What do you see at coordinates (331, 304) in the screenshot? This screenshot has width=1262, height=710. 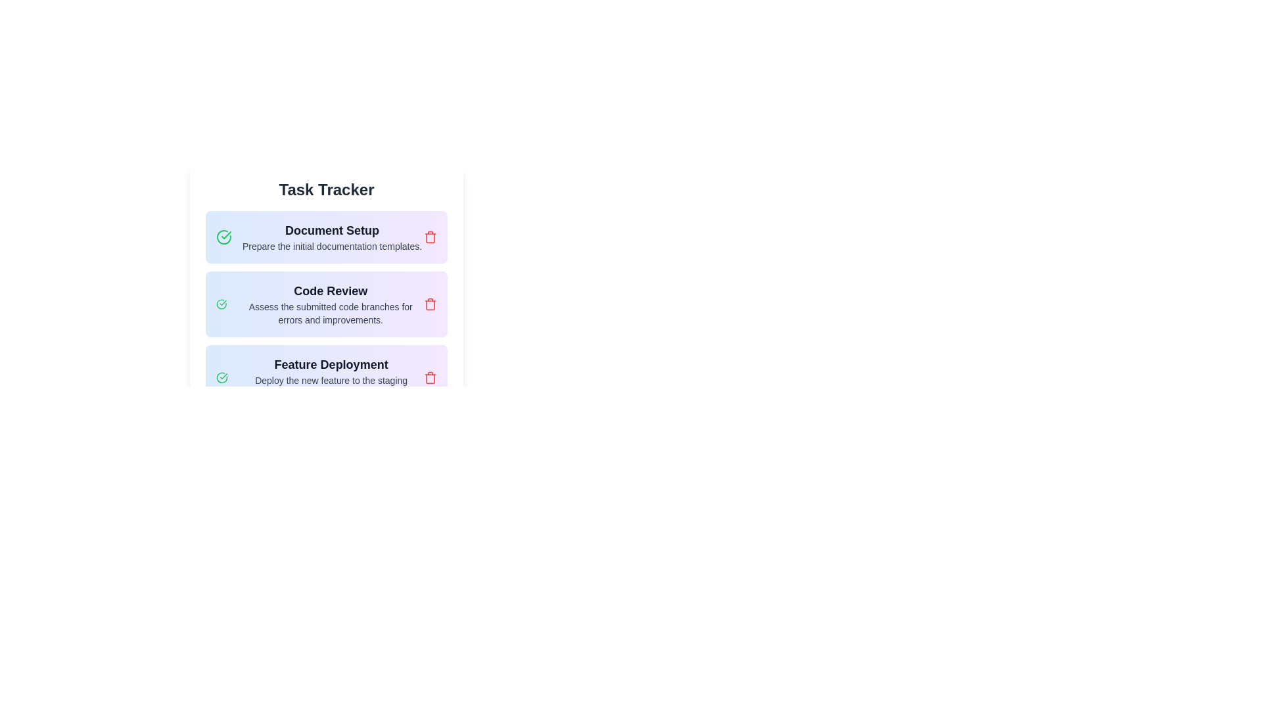 I see `the title and description block for code reviews, located between 'Document Setup' and 'Feature Deployment' in the task tracking application` at bounding box center [331, 304].